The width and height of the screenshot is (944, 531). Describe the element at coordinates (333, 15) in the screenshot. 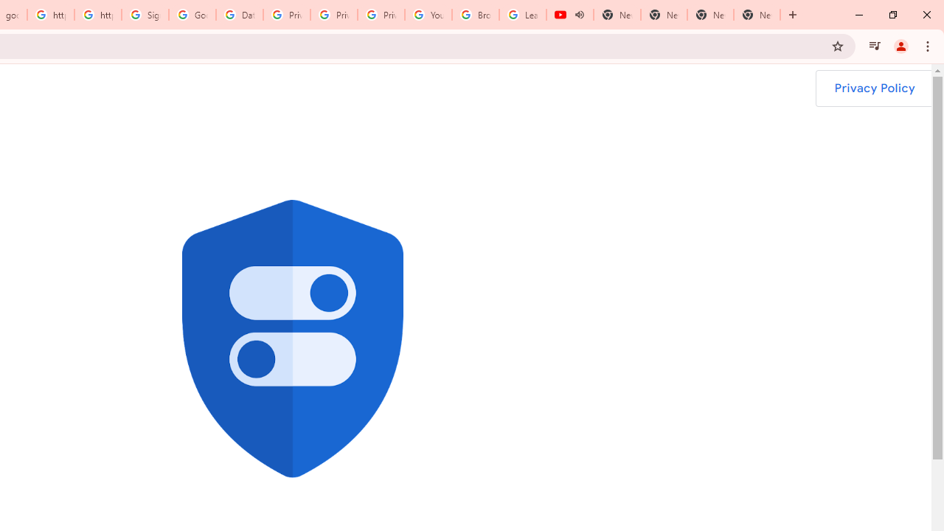

I see `'Privacy Help Center - Policies Help'` at that location.